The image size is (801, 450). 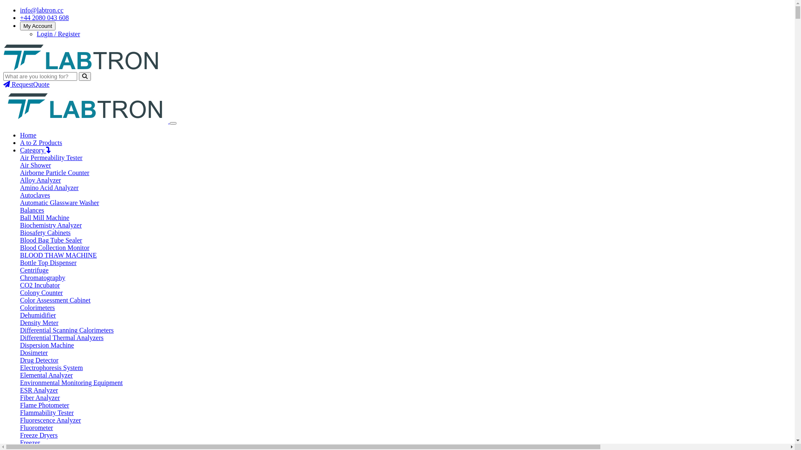 I want to click on 'Elemental Analyzer', so click(x=46, y=375).